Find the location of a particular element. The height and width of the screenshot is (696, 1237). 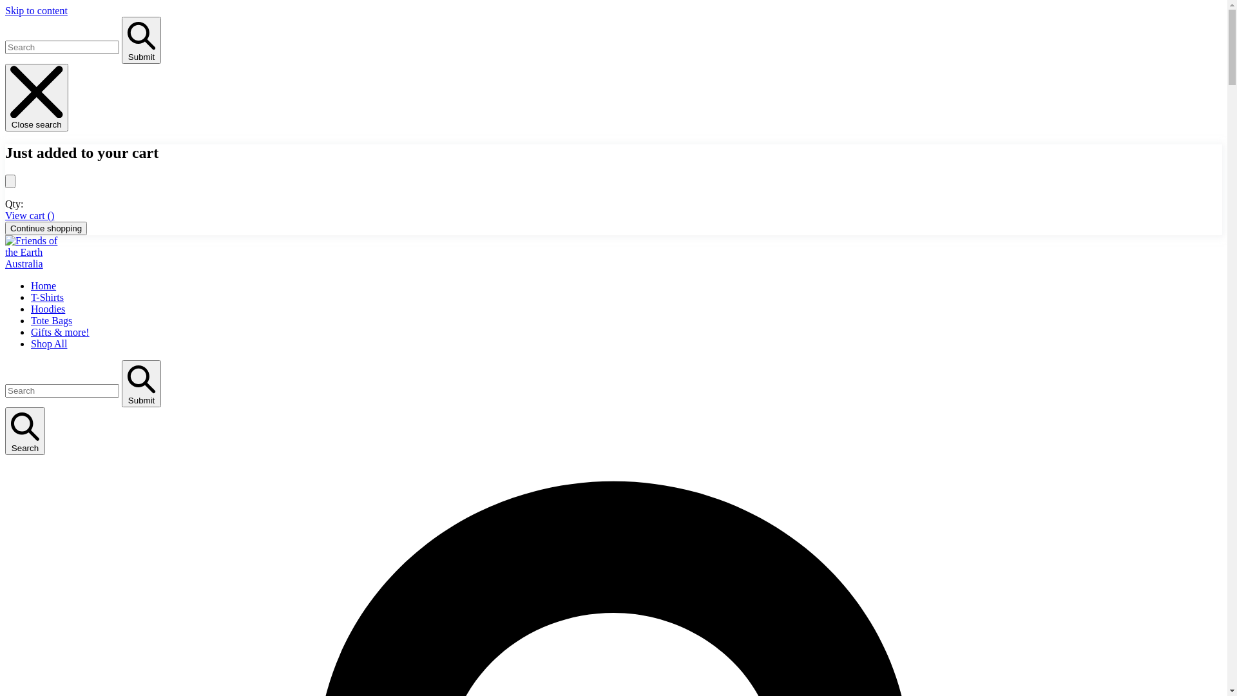

'Close search' is located at coordinates (37, 97).